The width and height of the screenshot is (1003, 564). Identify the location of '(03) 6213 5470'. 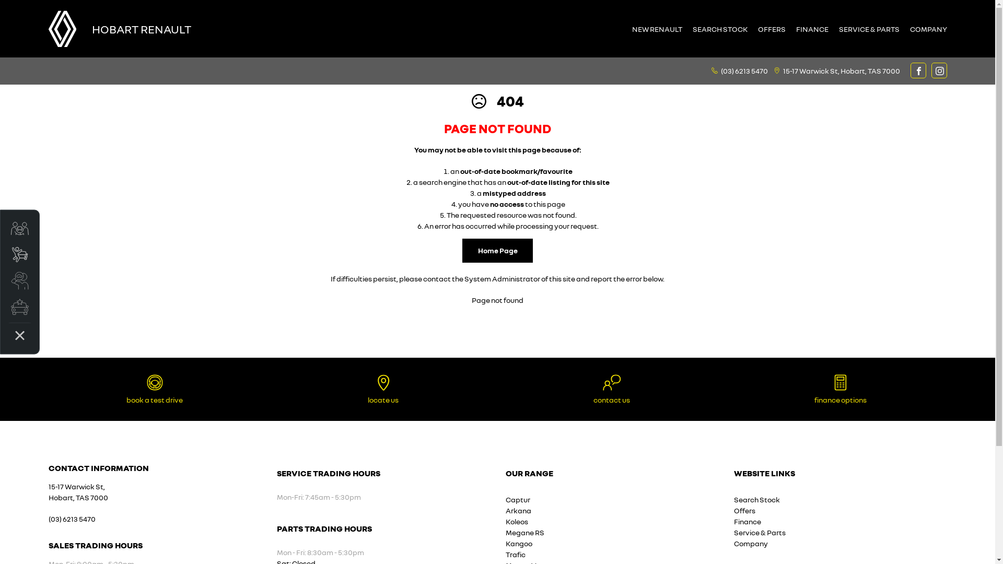
(744, 70).